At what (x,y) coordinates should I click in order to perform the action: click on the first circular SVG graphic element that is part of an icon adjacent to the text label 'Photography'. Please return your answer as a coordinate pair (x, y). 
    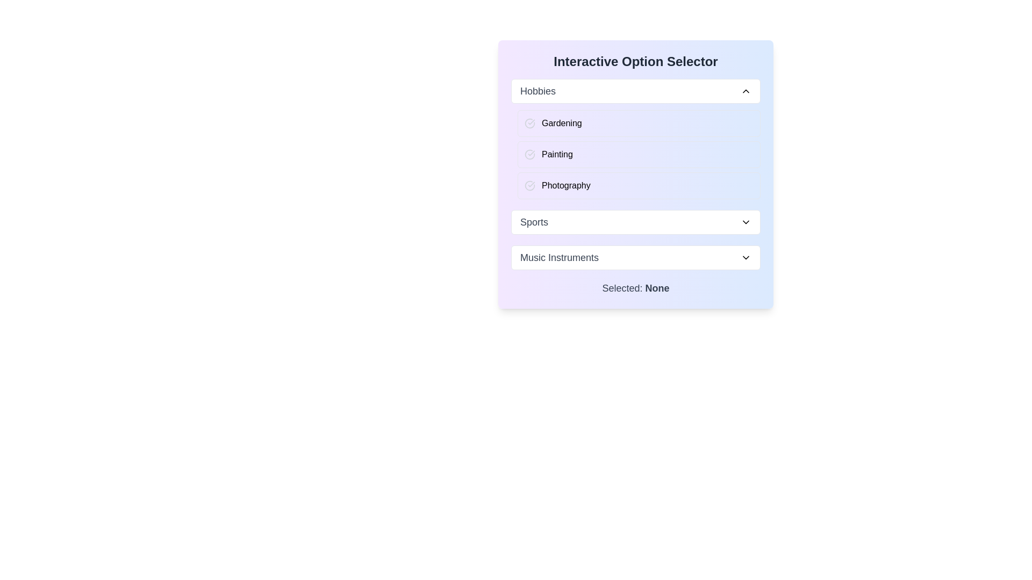
    Looking at the image, I should click on (529, 185).